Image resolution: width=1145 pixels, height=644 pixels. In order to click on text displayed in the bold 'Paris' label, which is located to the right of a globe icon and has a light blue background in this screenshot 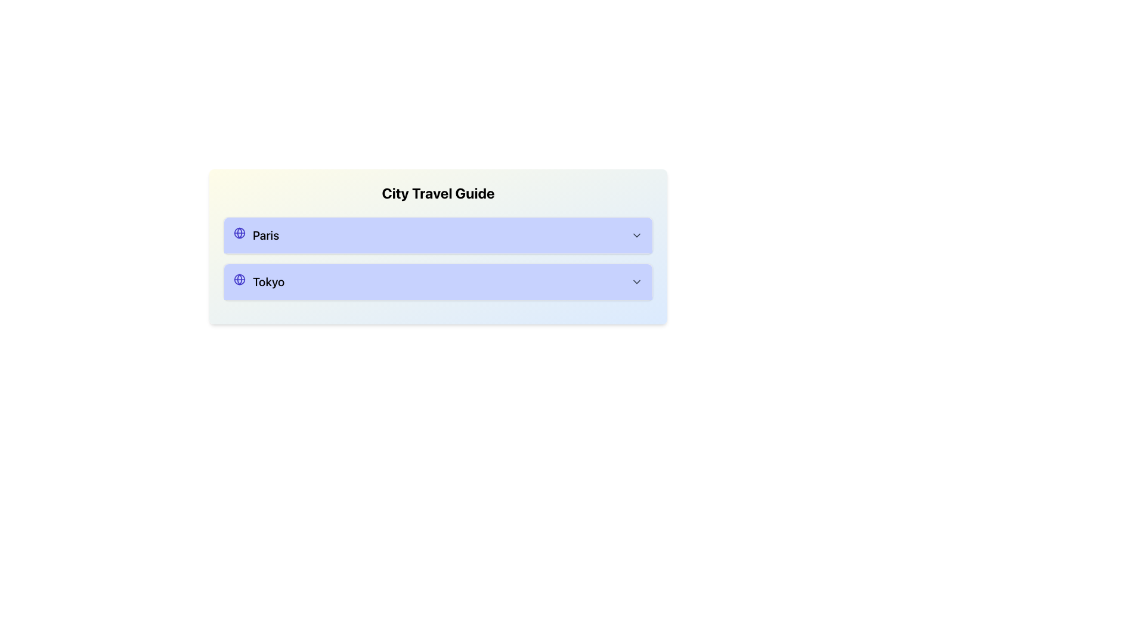, I will do `click(265, 235)`.